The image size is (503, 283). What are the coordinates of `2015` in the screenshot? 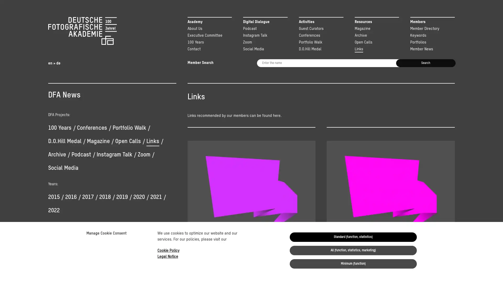 It's located at (54, 197).